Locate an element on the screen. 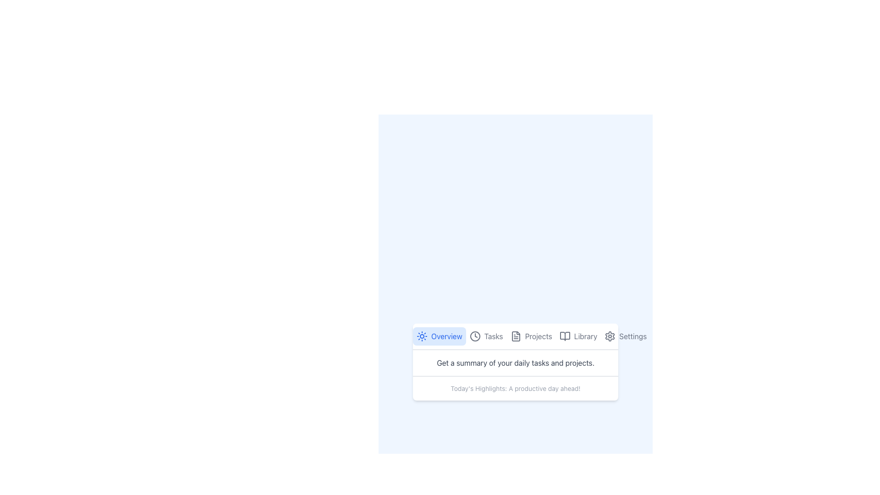 This screenshot has width=880, height=495. the 'Library' button, which is a horizontally rectangular button featuring an open book icon and the text 'Library', located in the navigation bar is located at coordinates (578, 336).